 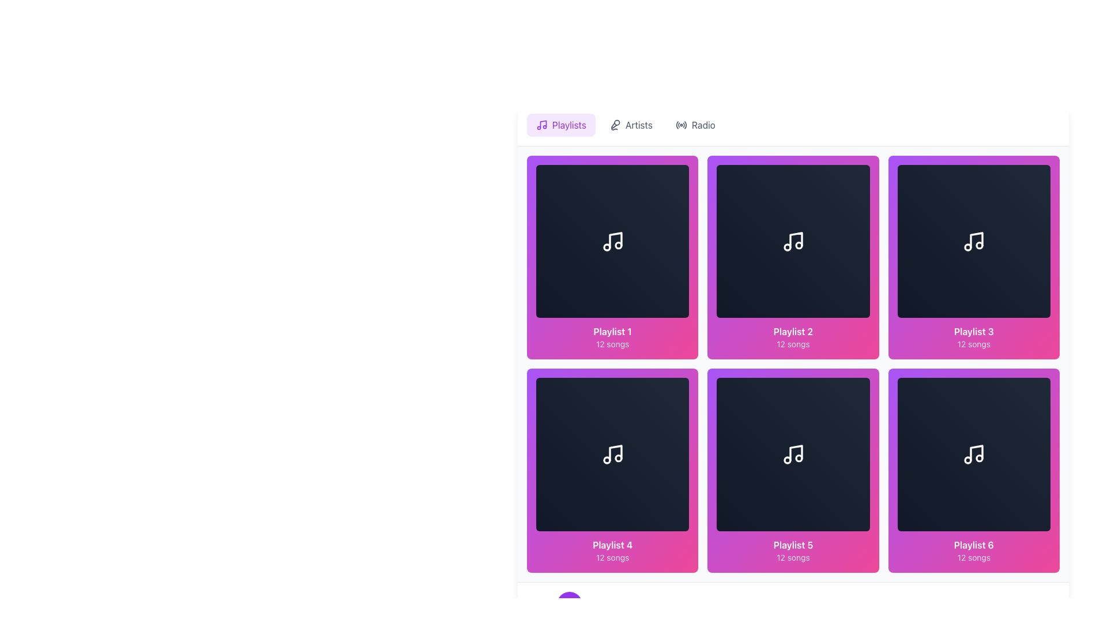 What do you see at coordinates (606, 460) in the screenshot?
I see `the decorative circle element associated with the musical note icon in the 'Playlist 4' card located in the lower left region of the playlist grid` at bounding box center [606, 460].